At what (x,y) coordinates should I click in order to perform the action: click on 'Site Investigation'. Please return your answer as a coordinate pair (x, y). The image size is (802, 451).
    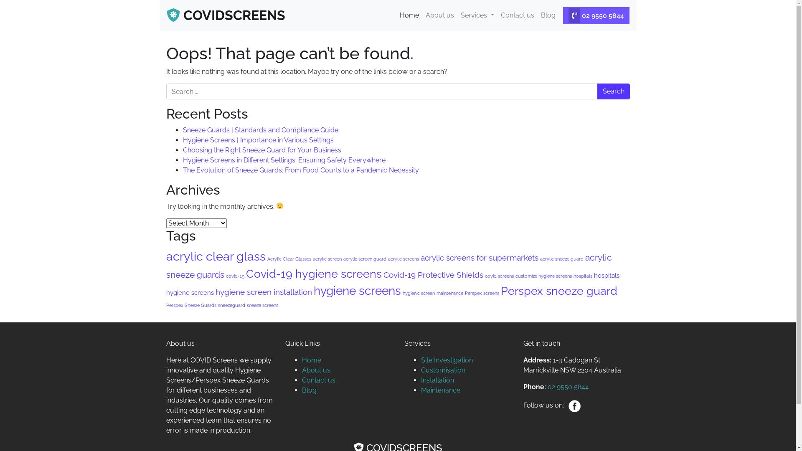
    Looking at the image, I should click on (421, 360).